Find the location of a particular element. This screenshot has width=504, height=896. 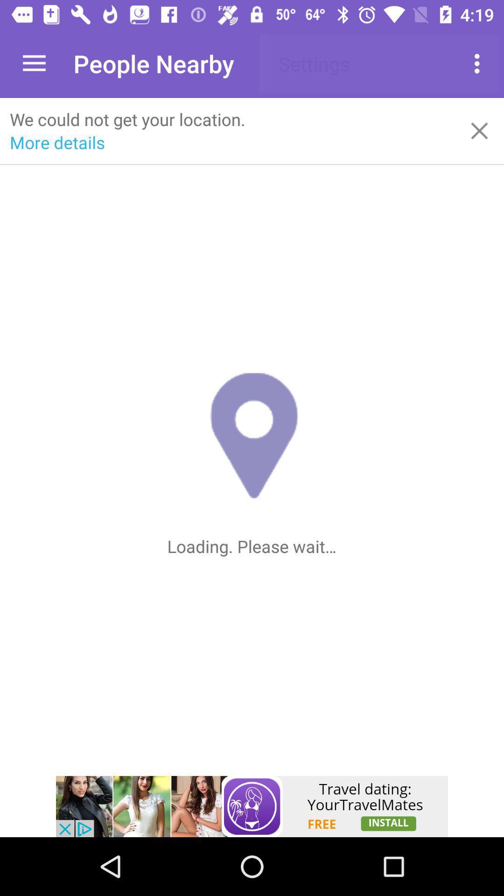

close is located at coordinates (479, 130).